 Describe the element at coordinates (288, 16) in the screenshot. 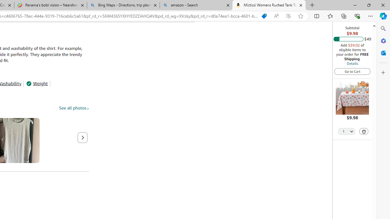

I see `'Enhance video'` at that location.